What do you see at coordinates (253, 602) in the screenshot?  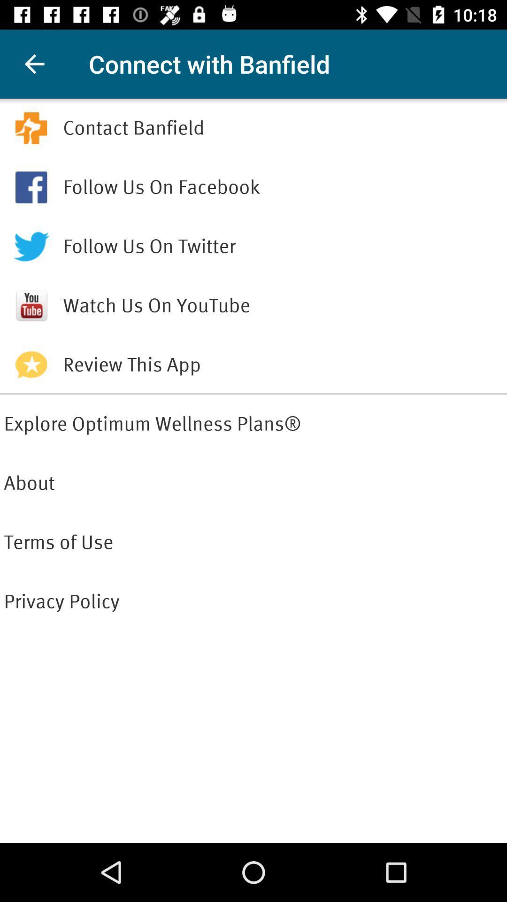 I see `privacy policy item` at bounding box center [253, 602].